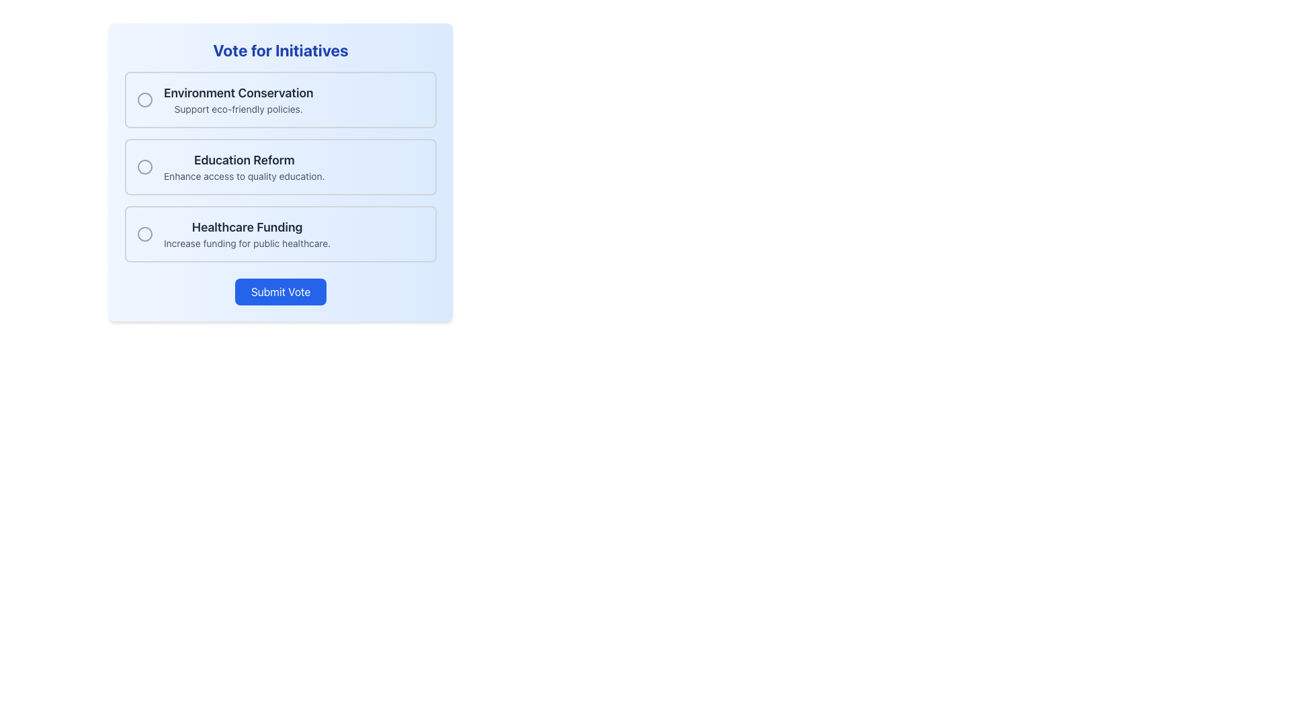  Describe the element at coordinates (145, 99) in the screenshot. I see `the radio button (unfilled circle) for the 'Environment Conservation' option` at that location.